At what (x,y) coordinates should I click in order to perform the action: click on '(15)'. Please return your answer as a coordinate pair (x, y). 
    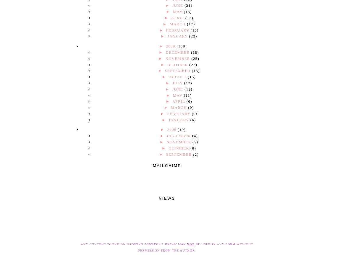
    Looking at the image, I should click on (187, 76).